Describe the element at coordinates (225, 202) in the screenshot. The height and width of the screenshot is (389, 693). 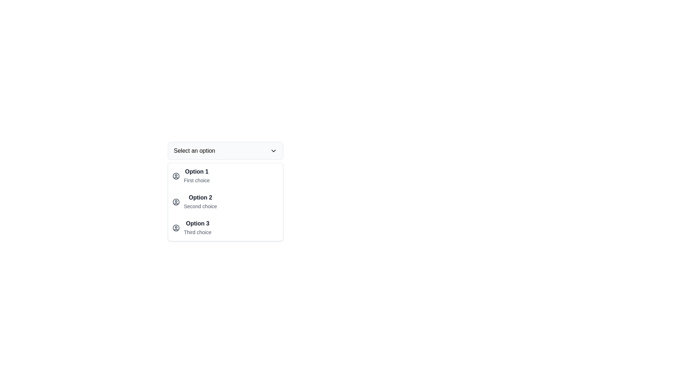
I see `the second option in the dropdown menu` at that location.